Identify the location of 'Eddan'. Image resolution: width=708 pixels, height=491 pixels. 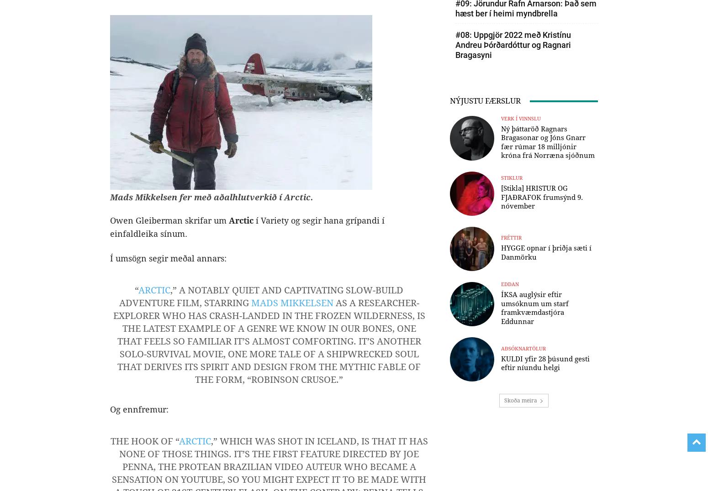
(509, 284).